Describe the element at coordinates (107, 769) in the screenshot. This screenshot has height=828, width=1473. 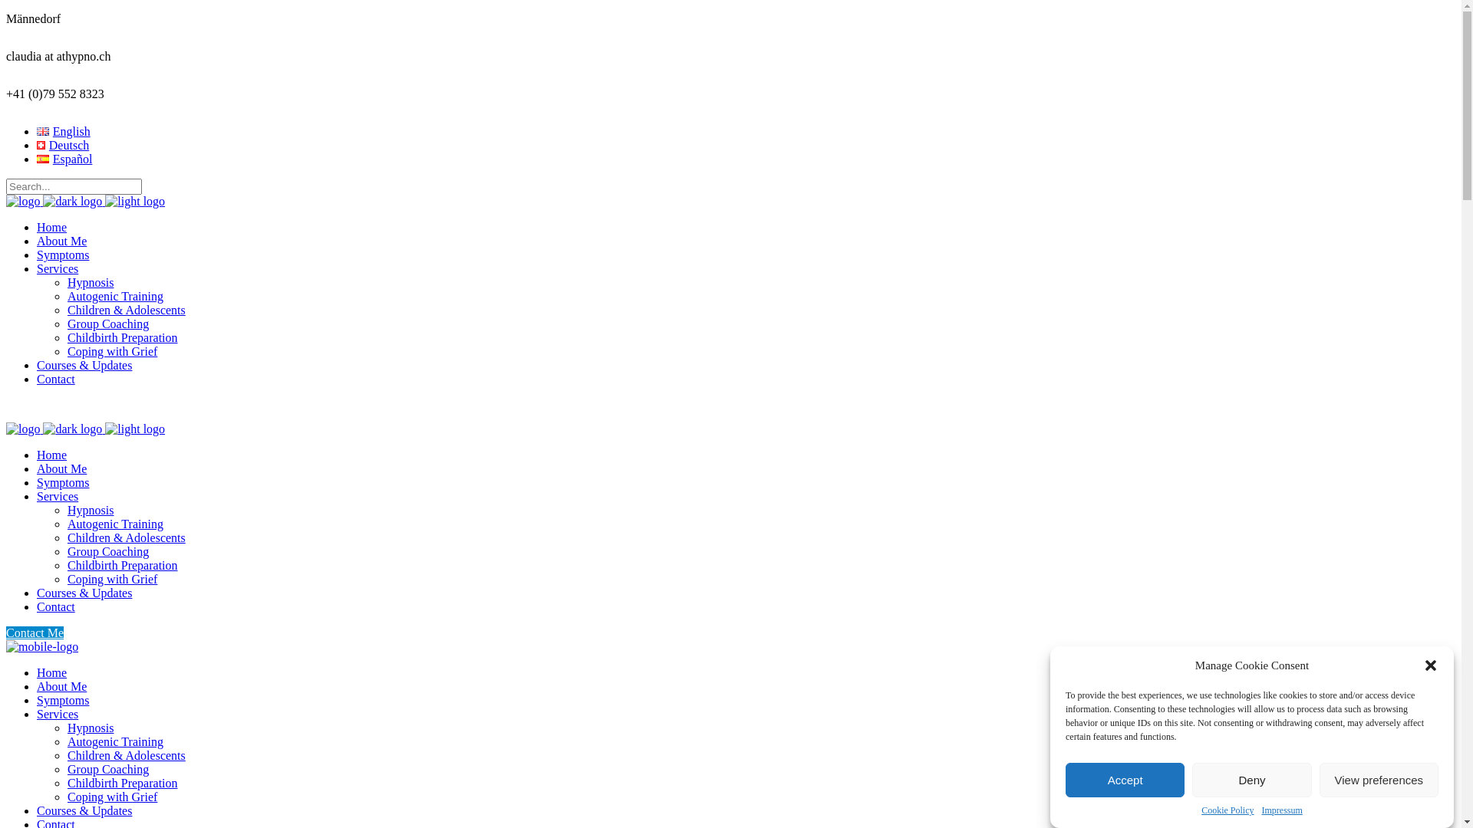
I see `'Group Coaching'` at that location.